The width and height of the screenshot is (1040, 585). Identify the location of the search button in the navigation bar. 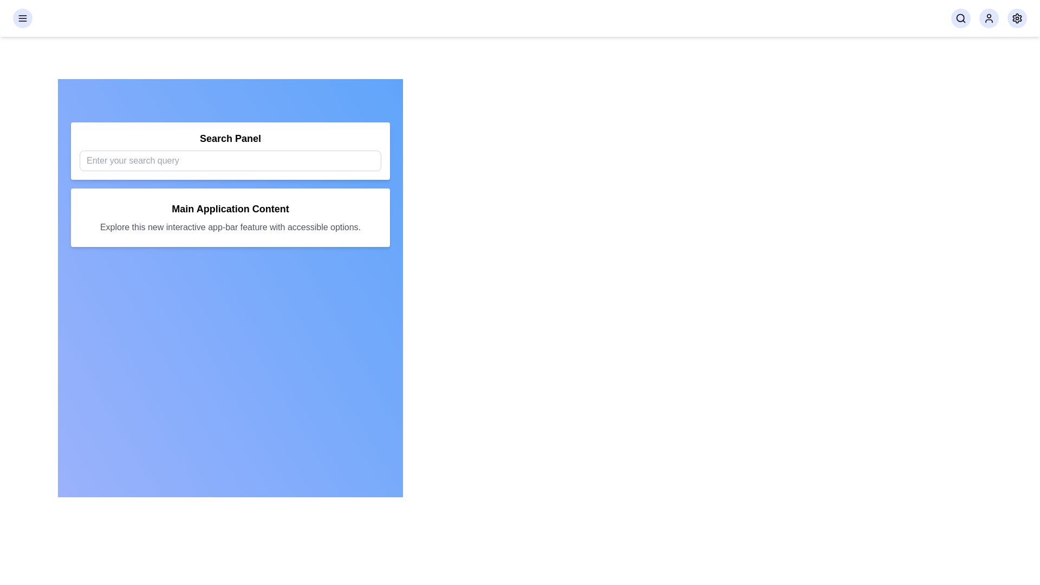
(961, 18).